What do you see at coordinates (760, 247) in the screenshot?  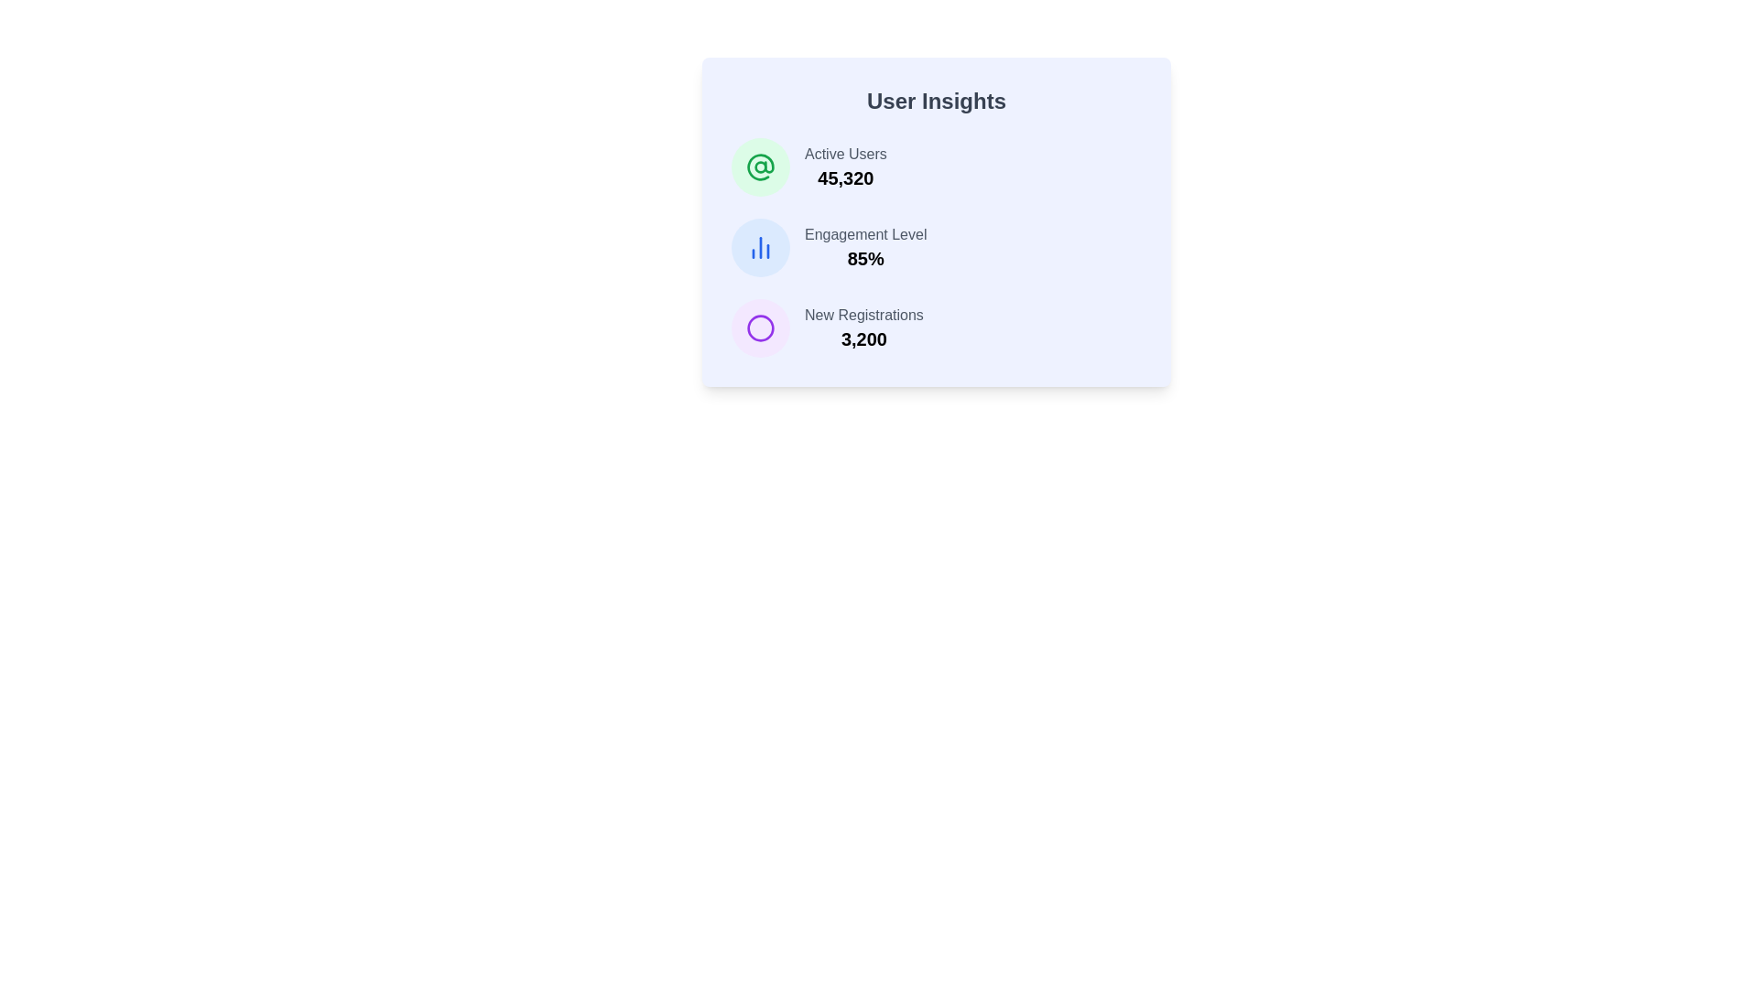 I see `the circular icon with a light blue background and a bar chart symbol, located to the left of the 'Engagement Level' text in the 'User Insights' panel` at bounding box center [760, 247].